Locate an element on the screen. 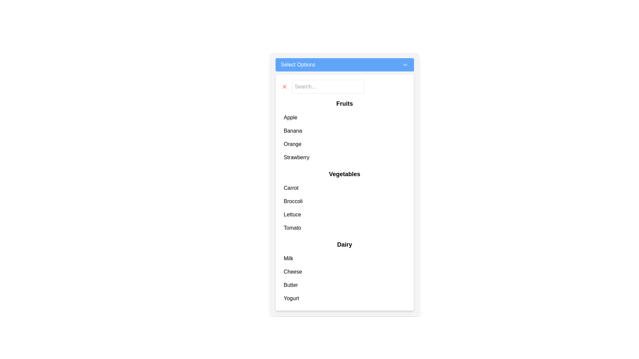  the 'Milk' text label in the Dairy section is located at coordinates (288, 258).